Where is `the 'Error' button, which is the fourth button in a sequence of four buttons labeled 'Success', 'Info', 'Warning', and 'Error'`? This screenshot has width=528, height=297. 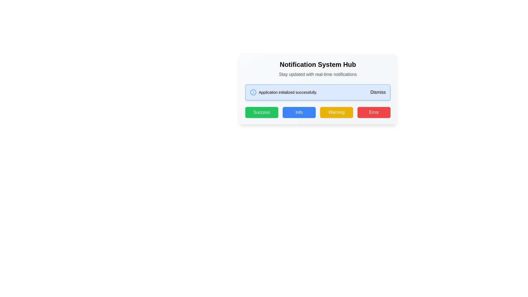
the 'Error' button, which is the fourth button in a sequence of four buttons labeled 'Success', 'Info', 'Warning', and 'Error' is located at coordinates (374, 112).